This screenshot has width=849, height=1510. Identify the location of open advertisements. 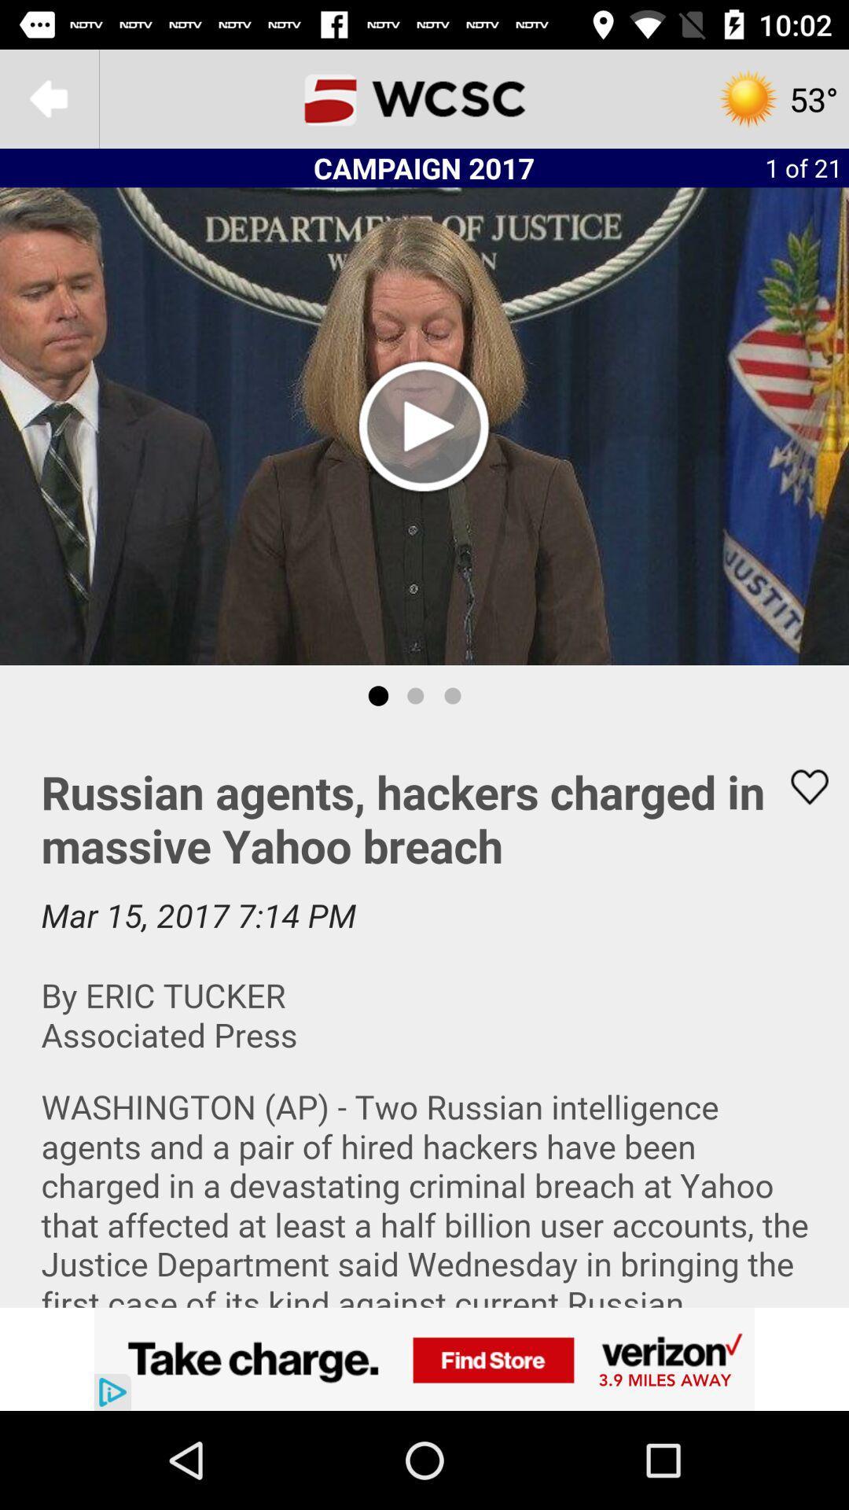
(424, 1358).